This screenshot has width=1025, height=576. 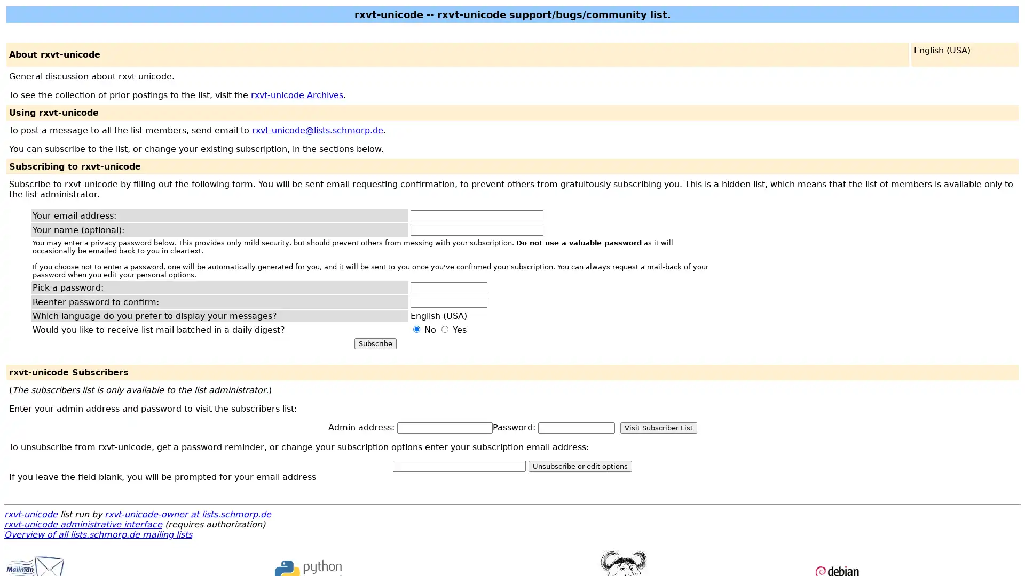 What do you see at coordinates (579, 466) in the screenshot?
I see `Unsubscribe or edit options` at bounding box center [579, 466].